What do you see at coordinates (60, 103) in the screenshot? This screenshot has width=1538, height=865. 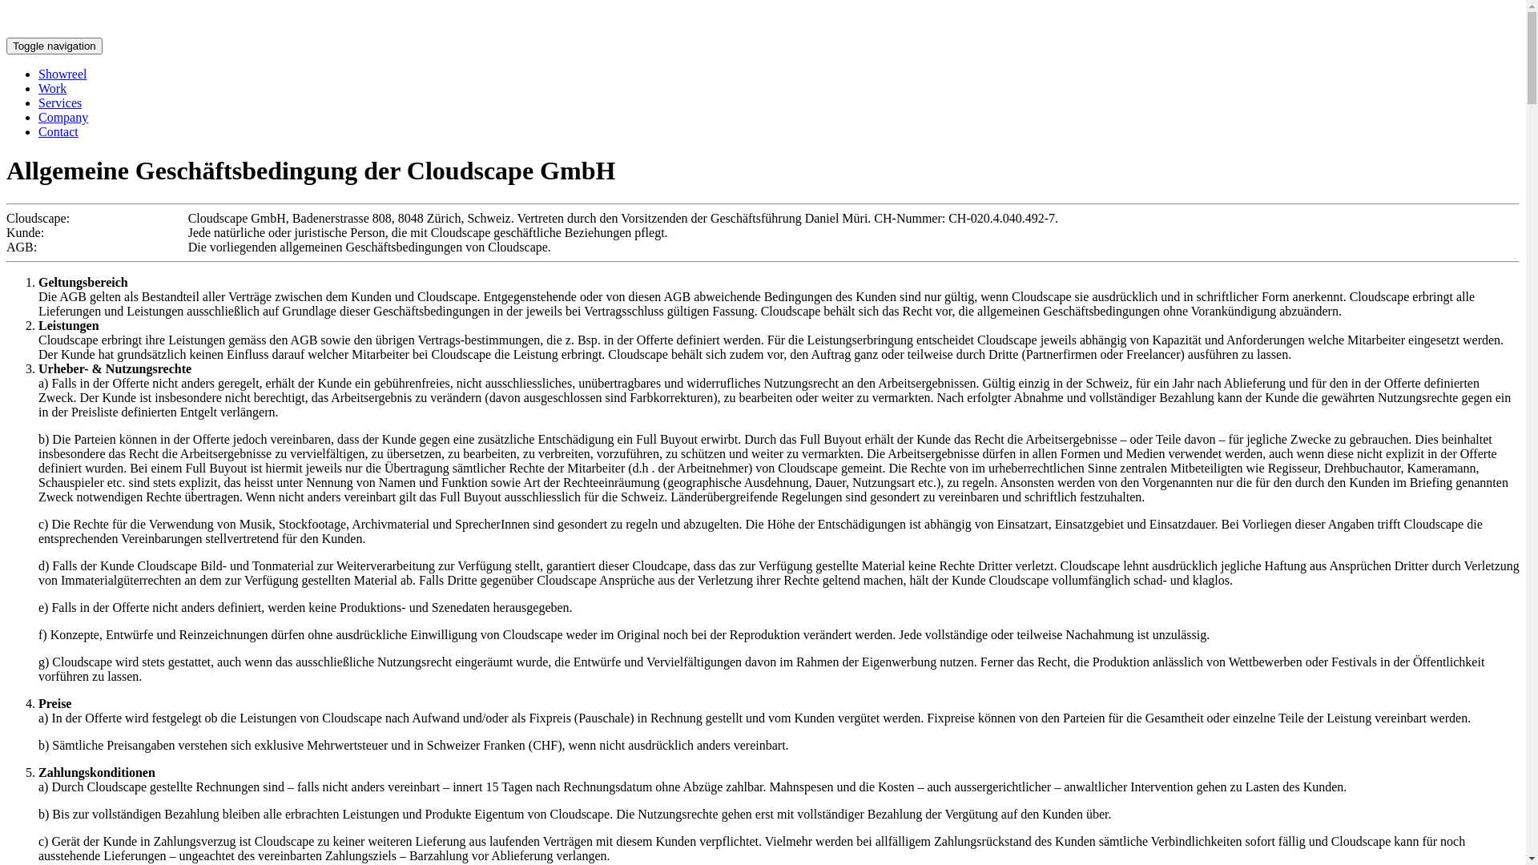 I see `'Services'` at bounding box center [60, 103].